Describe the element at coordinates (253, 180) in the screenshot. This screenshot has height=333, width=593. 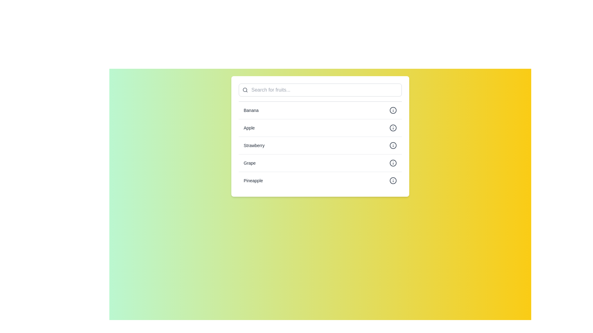
I see `the text label displaying 'Pineapple', which is the fifth item in a vertical list layout` at that location.